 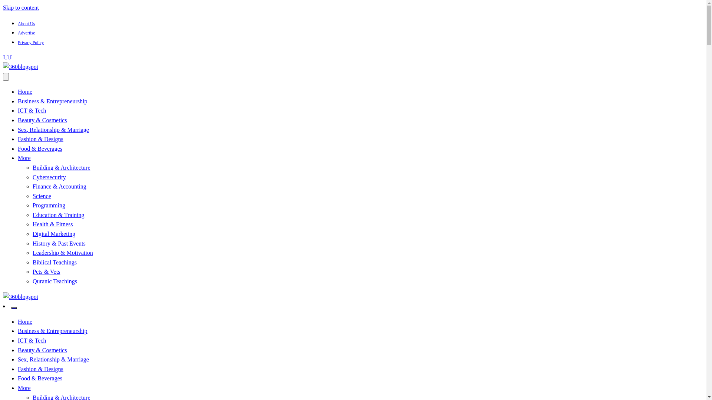 What do you see at coordinates (58, 215) in the screenshot?
I see `'Education & Training'` at bounding box center [58, 215].